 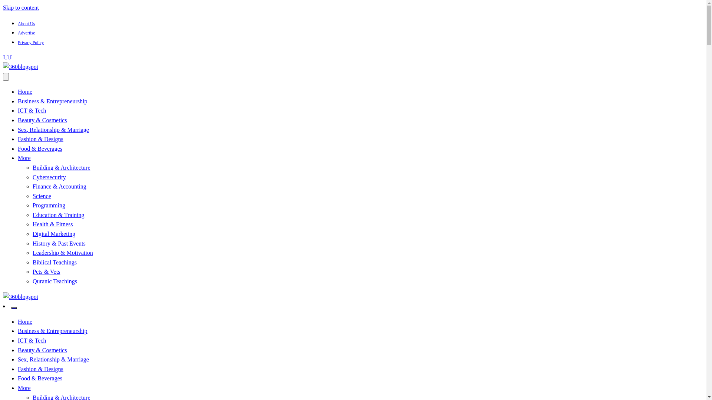 What do you see at coordinates (58, 215) in the screenshot?
I see `'Education & Training'` at bounding box center [58, 215].